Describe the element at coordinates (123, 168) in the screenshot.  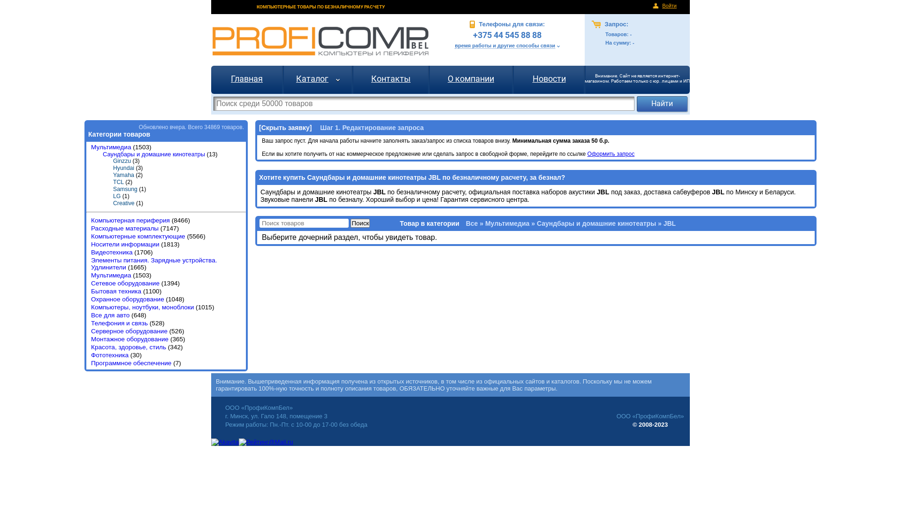
I see `'Hyundai'` at that location.